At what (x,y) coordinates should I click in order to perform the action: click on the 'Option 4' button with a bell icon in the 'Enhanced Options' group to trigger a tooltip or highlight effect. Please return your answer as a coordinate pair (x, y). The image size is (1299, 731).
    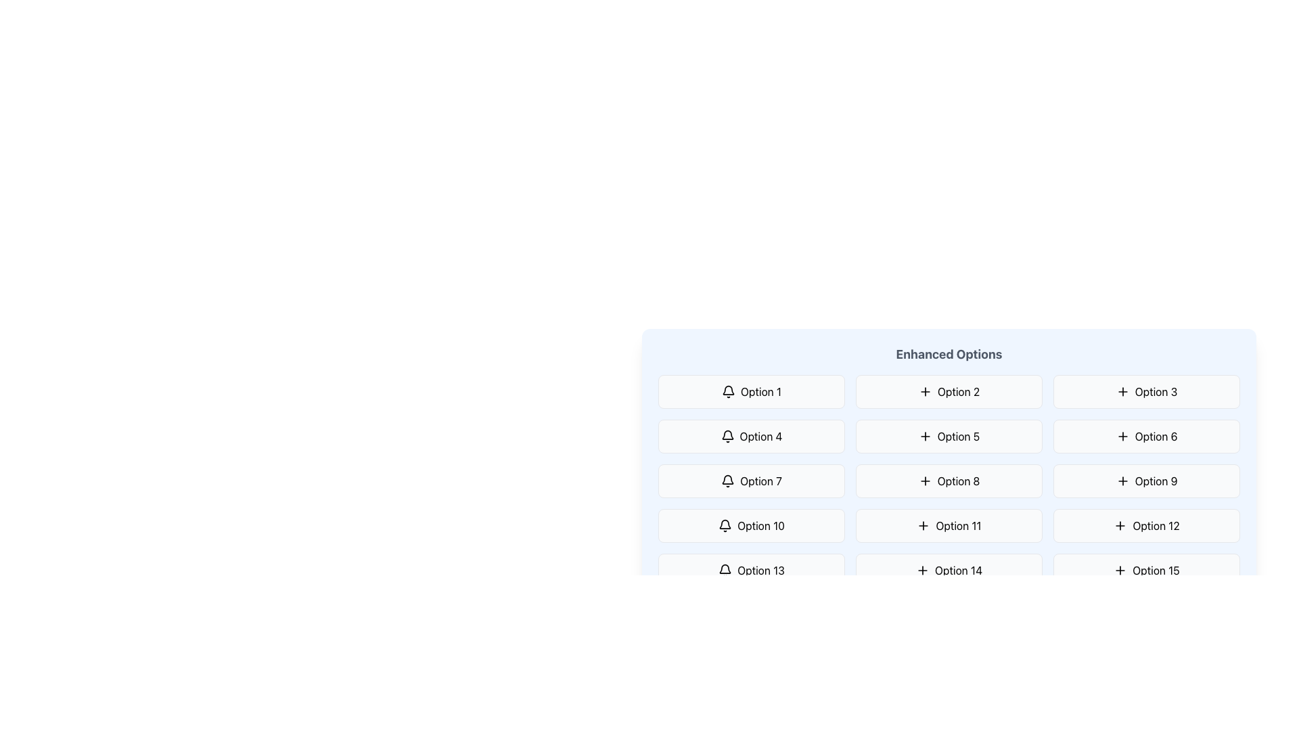
    Looking at the image, I should click on (750, 436).